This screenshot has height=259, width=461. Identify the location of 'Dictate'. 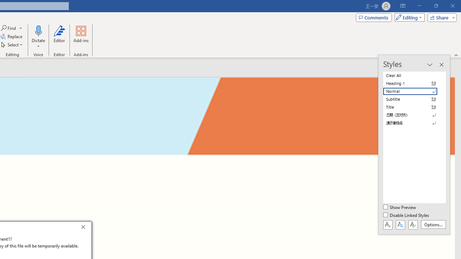
(38, 37).